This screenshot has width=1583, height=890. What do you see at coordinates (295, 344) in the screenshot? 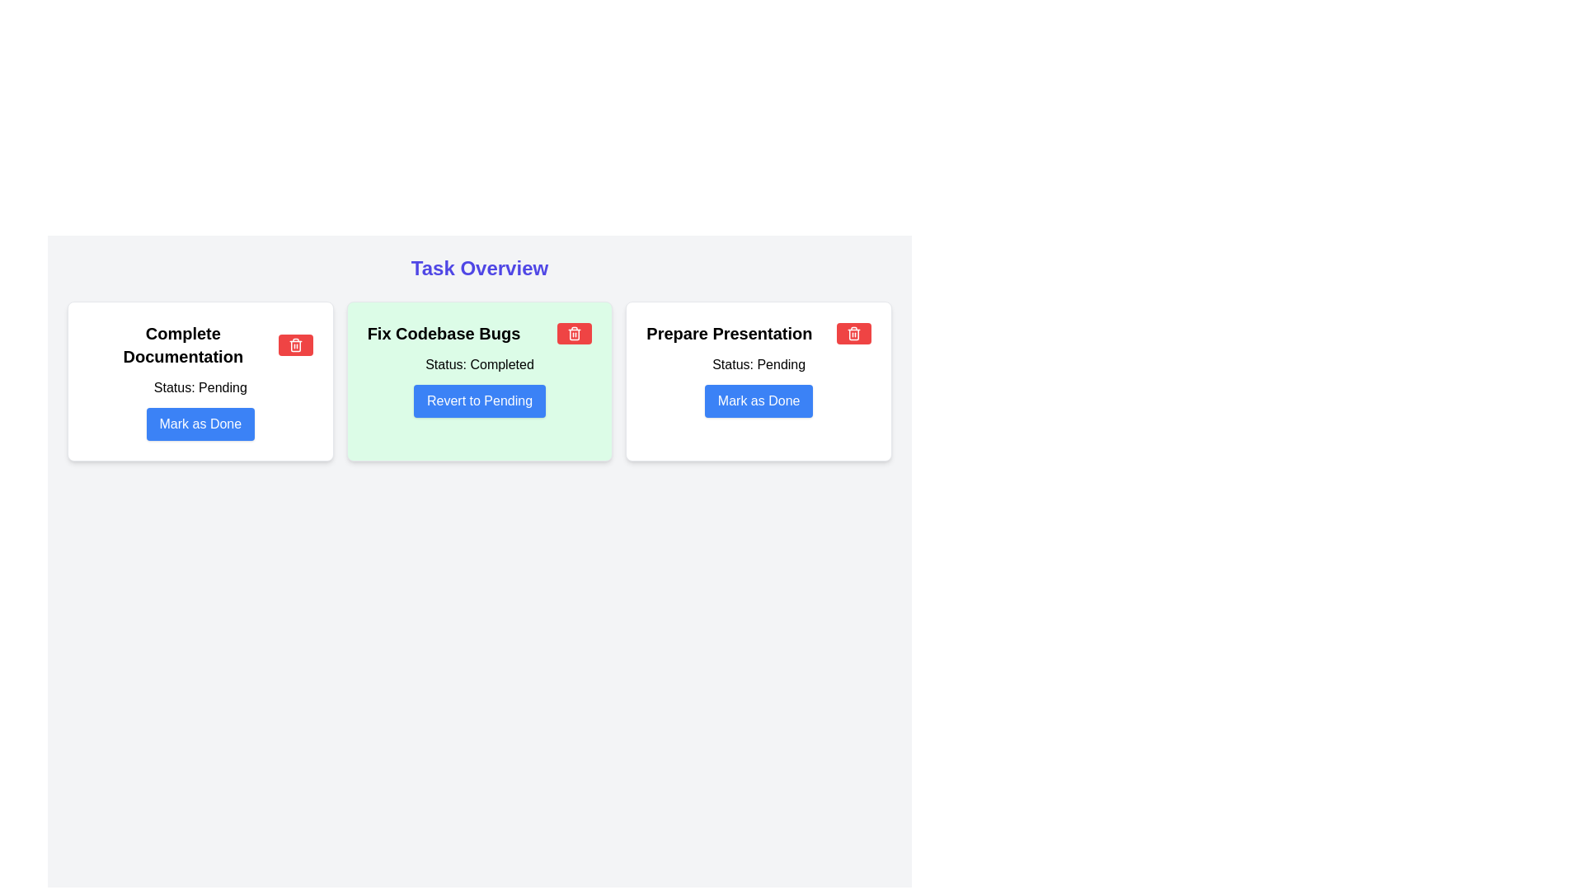
I see `the delete button indicated by the trash can icon, located to the right of the 'Complete Documentation' section to observe hover effects` at bounding box center [295, 344].